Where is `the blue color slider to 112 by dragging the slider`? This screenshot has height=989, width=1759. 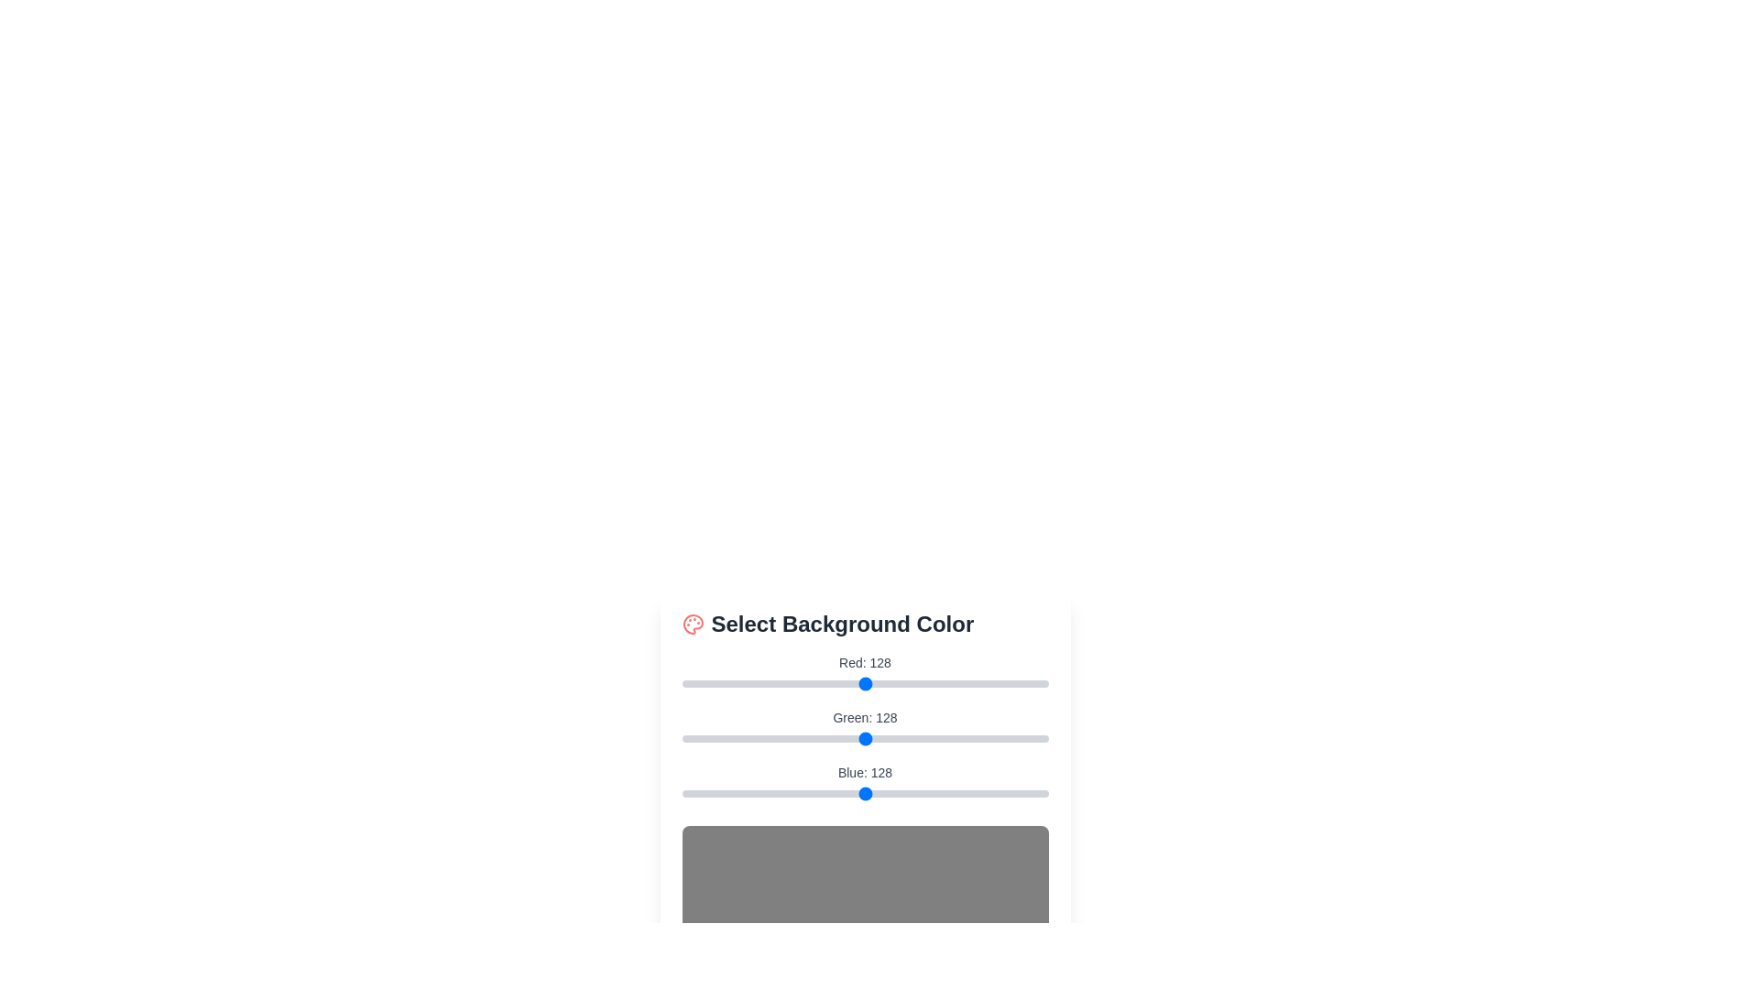
the blue color slider to 112 by dragging the slider is located at coordinates (842, 793).